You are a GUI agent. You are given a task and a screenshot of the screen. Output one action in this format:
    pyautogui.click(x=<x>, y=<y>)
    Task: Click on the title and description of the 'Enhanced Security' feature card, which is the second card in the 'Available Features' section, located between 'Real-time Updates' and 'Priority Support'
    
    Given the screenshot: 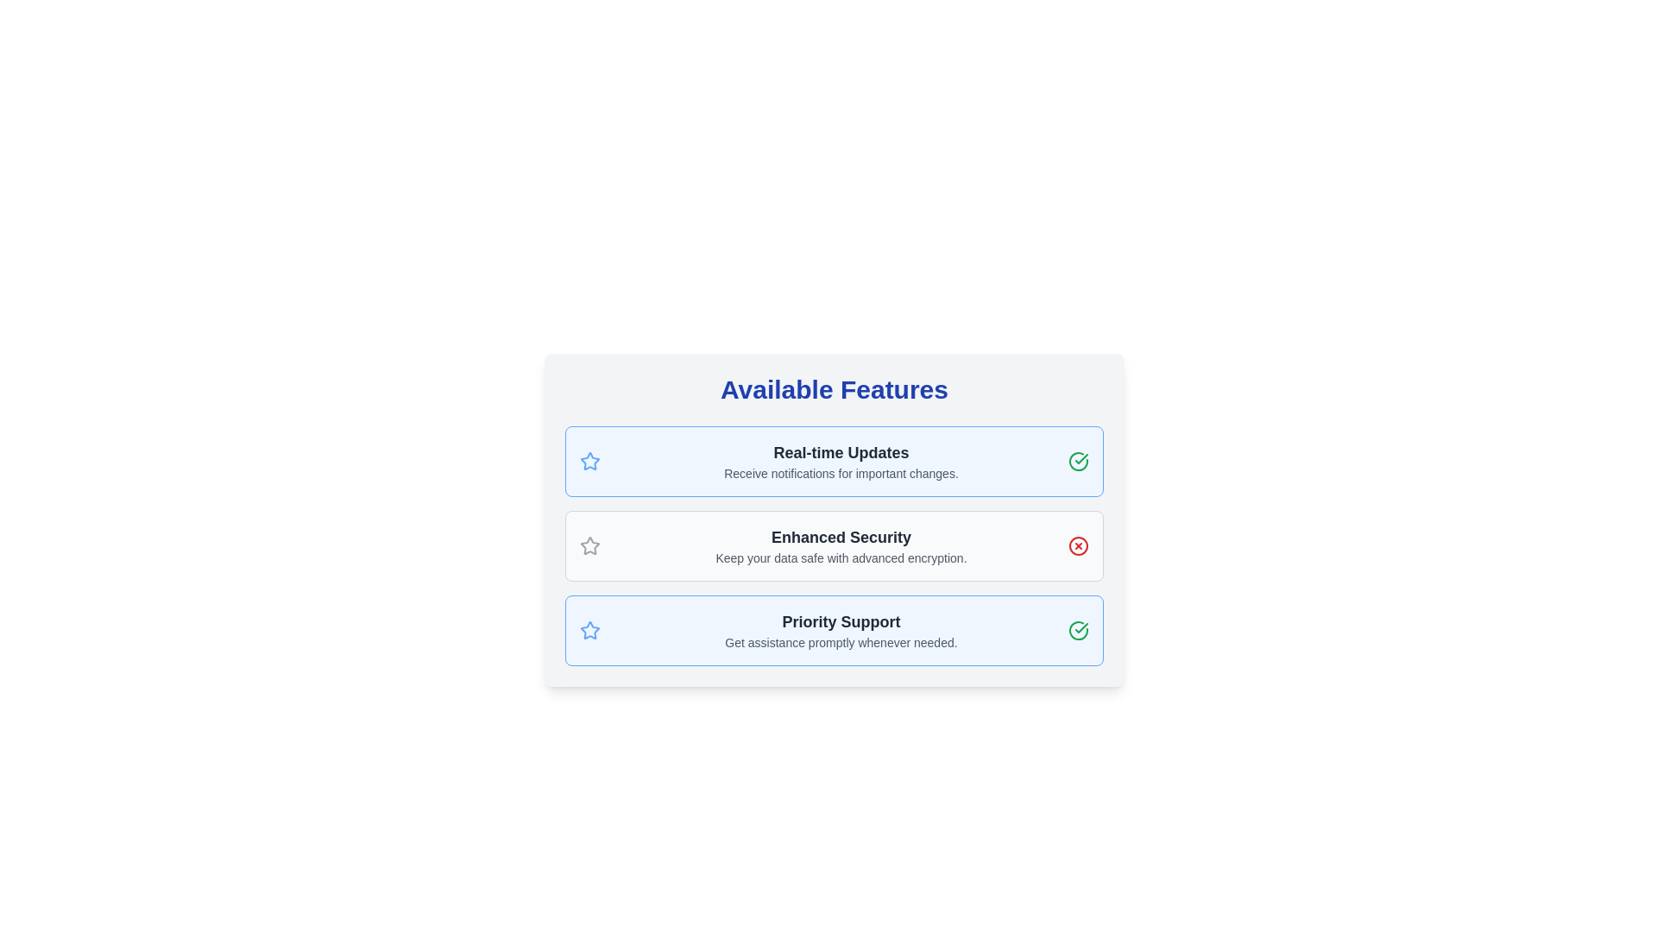 What is the action you would take?
    pyautogui.click(x=834, y=545)
    